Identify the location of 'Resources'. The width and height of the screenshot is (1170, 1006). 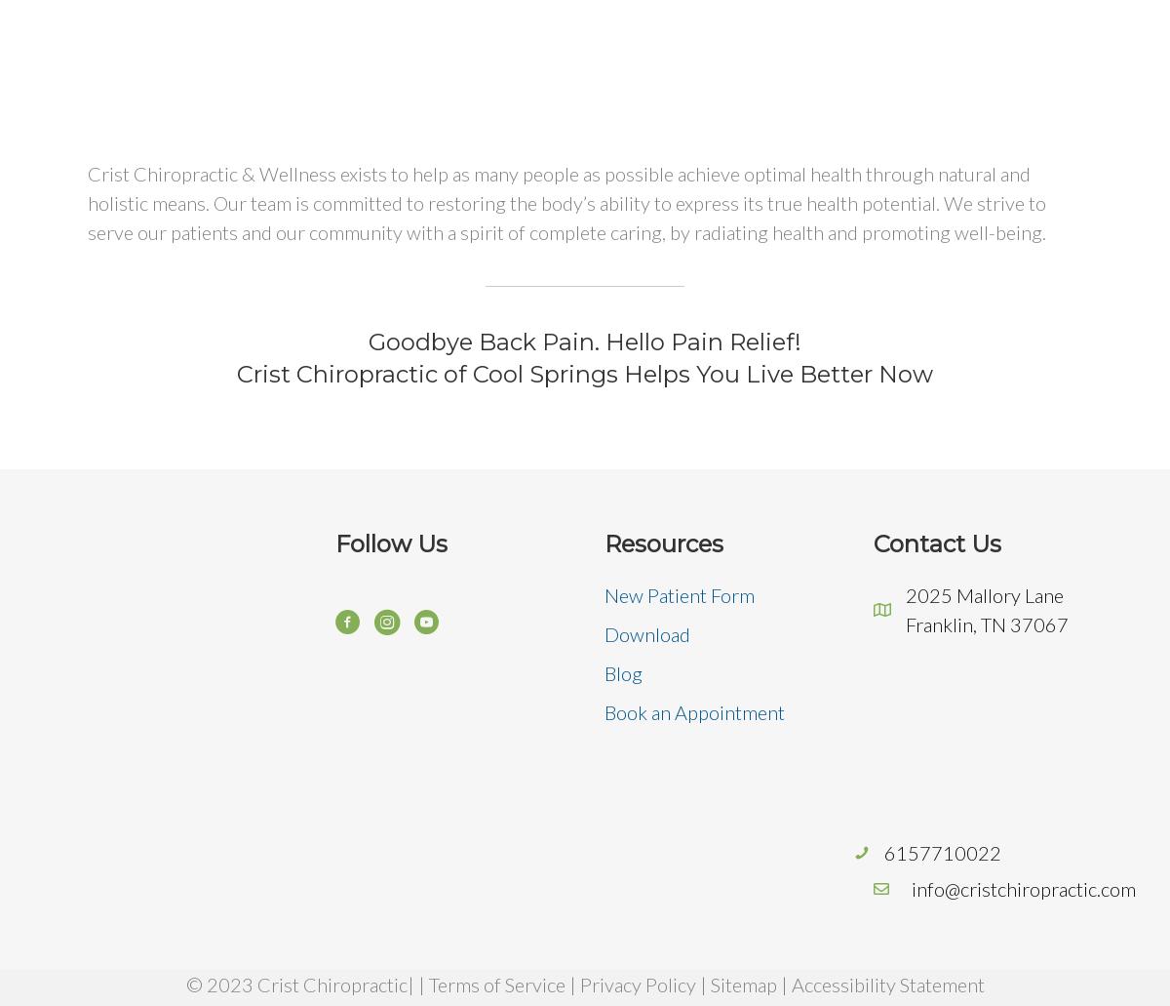
(604, 543).